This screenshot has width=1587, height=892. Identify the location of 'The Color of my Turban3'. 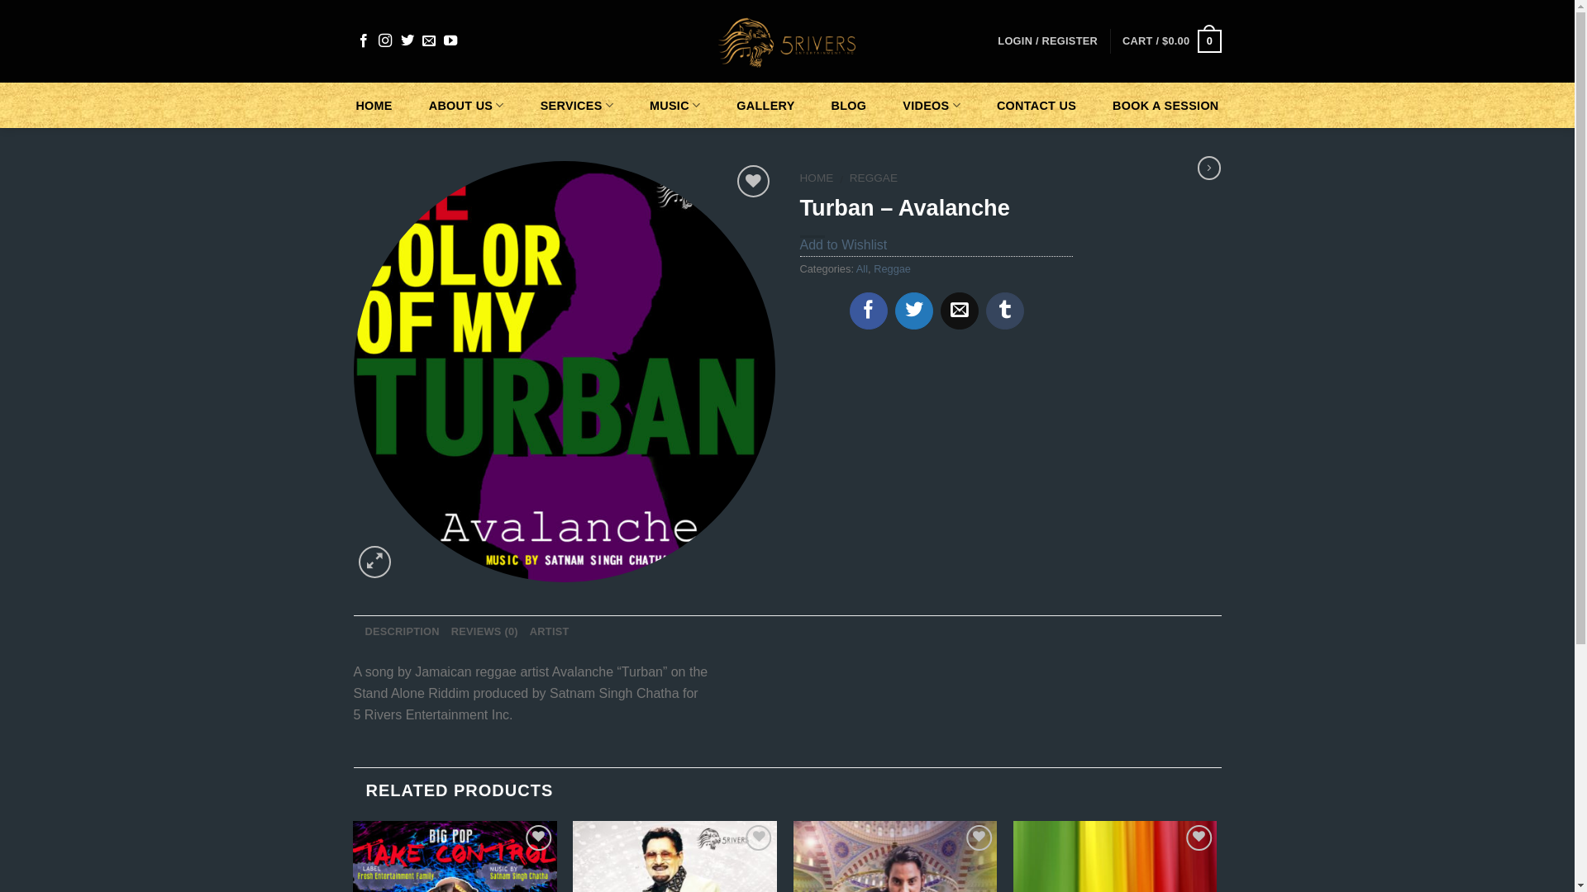
(564, 372).